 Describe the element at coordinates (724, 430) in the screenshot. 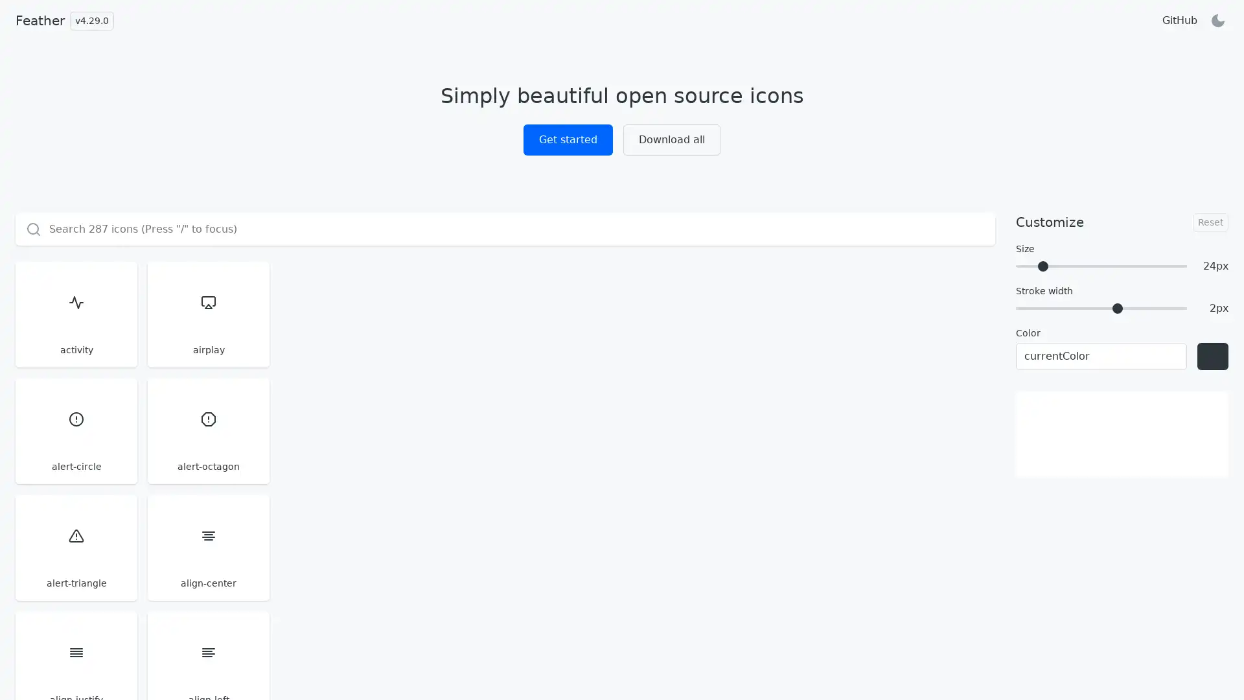

I see `arrow-down` at that location.